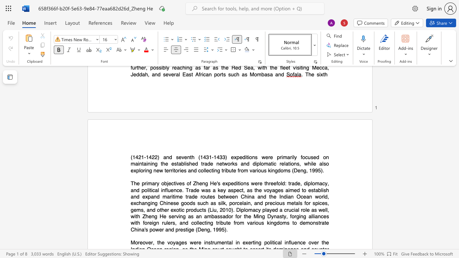  What do you see at coordinates (189, 190) in the screenshot?
I see `the subset text "rade was a key" within the text "of Zheng He"` at bounding box center [189, 190].